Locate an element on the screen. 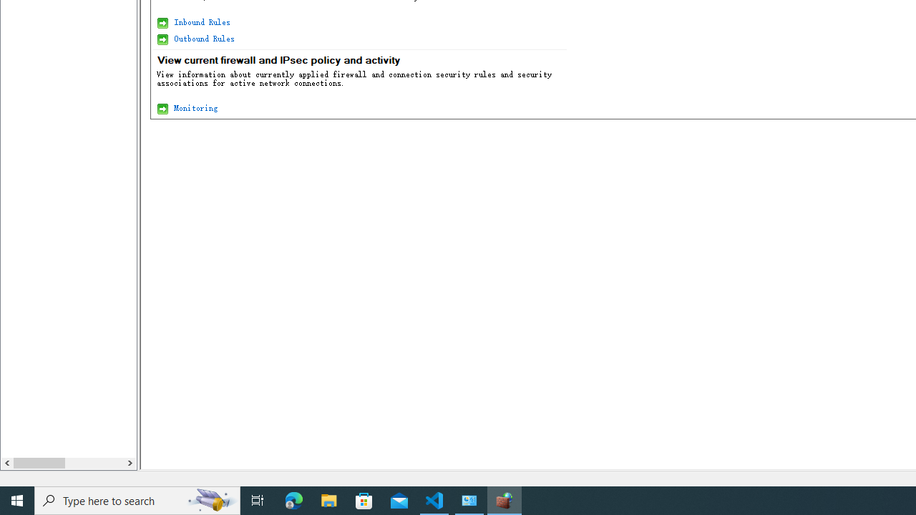 This screenshot has width=916, height=515. 'Column right' is located at coordinates (130, 463).